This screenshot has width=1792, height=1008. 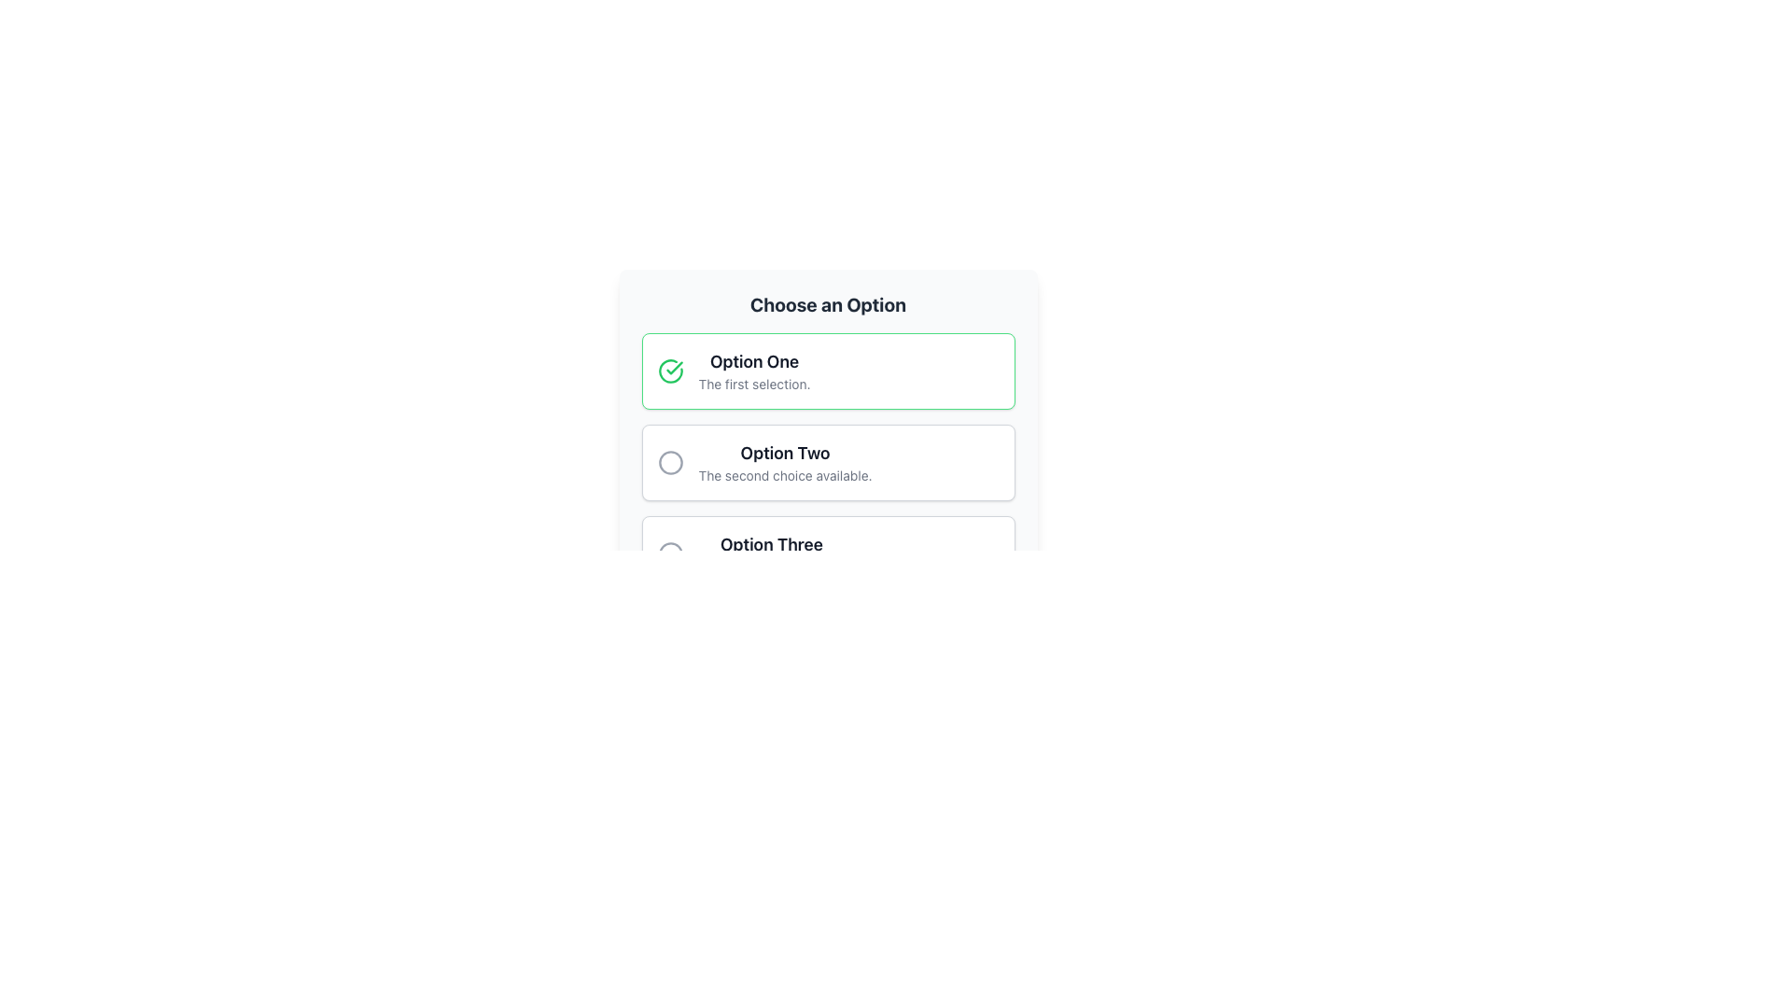 I want to click on the Circle Indicator that is a circular icon with a thin stroke, located to the left of the text option 'Option Three', which is the third selectable indicator from the top, so click(x=670, y=553).